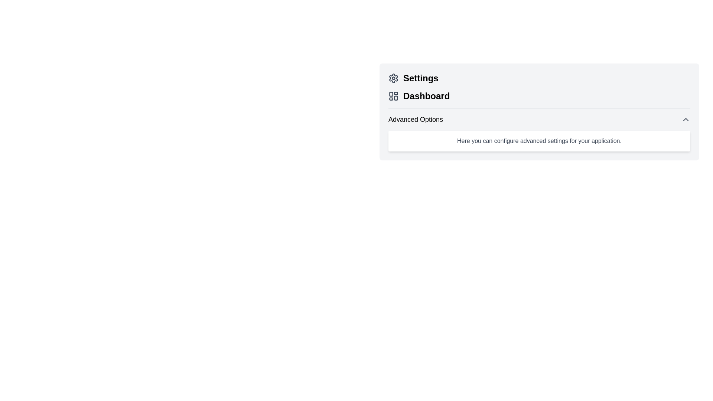 The image size is (713, 401). I want to click on the 'Settings' text label, which is bold, larger in size, and positioned near the left side of the navigation menu, so click(421, 78).